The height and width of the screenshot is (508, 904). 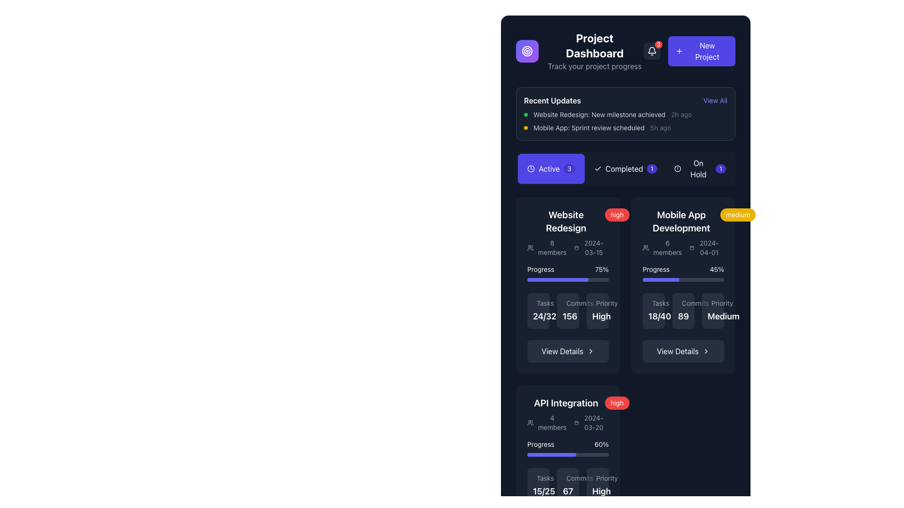 I want to click on the 'New Project' button, which is a purple button with rounded corners located in the top-right segment of the interface, to initiate project creation, so click(x=689, y=51).